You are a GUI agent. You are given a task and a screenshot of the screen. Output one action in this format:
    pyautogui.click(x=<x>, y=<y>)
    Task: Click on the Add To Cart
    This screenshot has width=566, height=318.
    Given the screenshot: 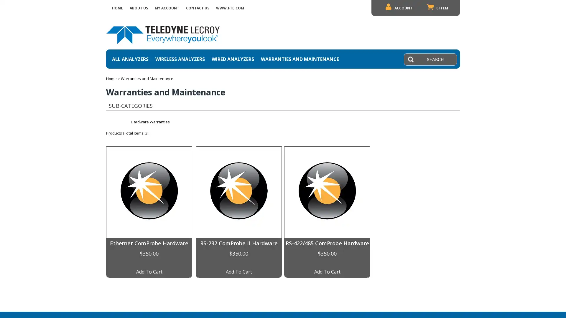 What is the action you would take?
    pyautogui.click(x=149, y=271)
    